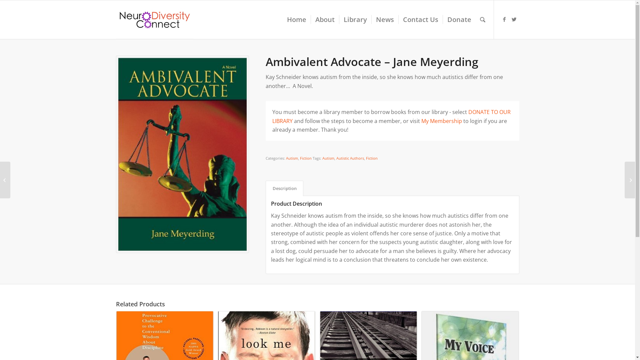 Image resolution: width=640 pixels, height=360 pixels. Describe the element at coordinates (336, 158) in the screenshot. I see `'Autistic Authors'` at that location.